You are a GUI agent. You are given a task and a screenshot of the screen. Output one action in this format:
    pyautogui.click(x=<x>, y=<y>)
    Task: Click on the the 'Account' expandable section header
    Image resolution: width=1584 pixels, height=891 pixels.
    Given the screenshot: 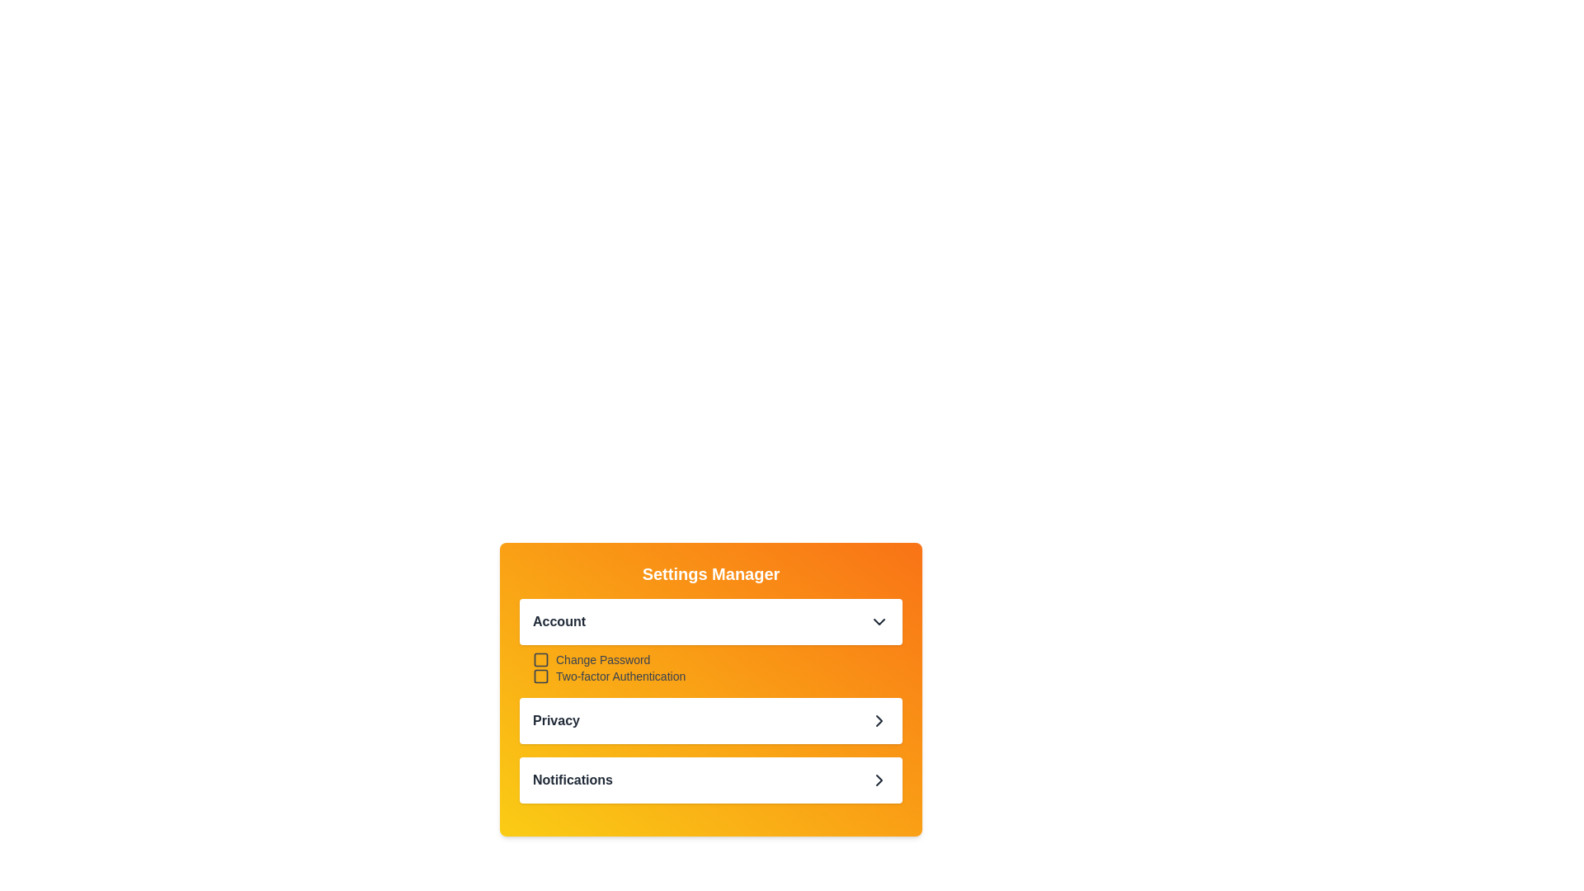 What is the action you would take?
    pyautogui.click(x=711, y=641)
    